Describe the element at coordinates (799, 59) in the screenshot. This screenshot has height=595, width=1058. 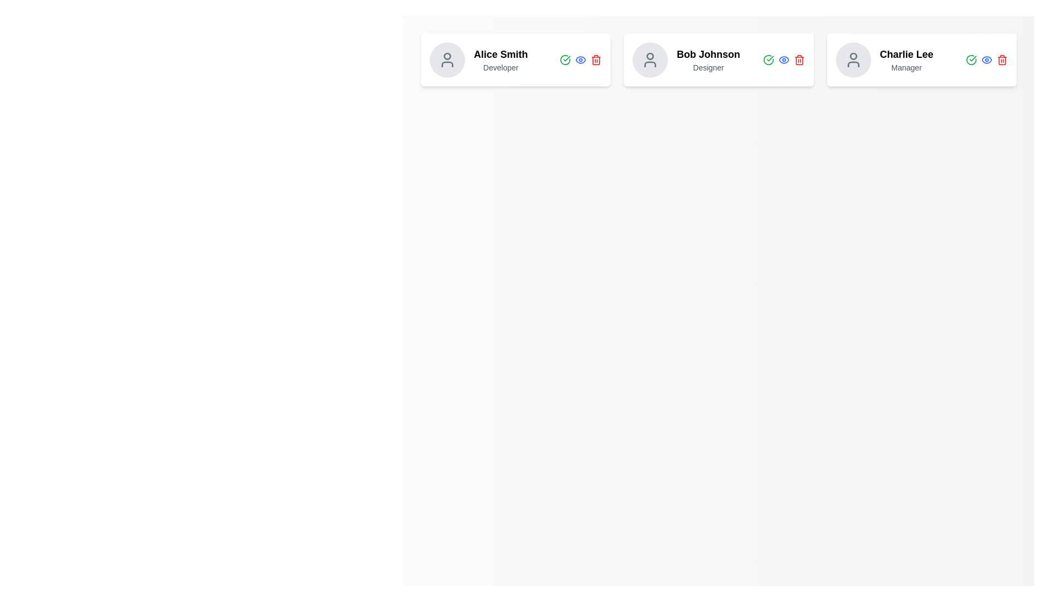
I see `the trash/delete icon button located in the action buttons group for the second user item ('Bob Johnson') to initiate a delete action` at that location.